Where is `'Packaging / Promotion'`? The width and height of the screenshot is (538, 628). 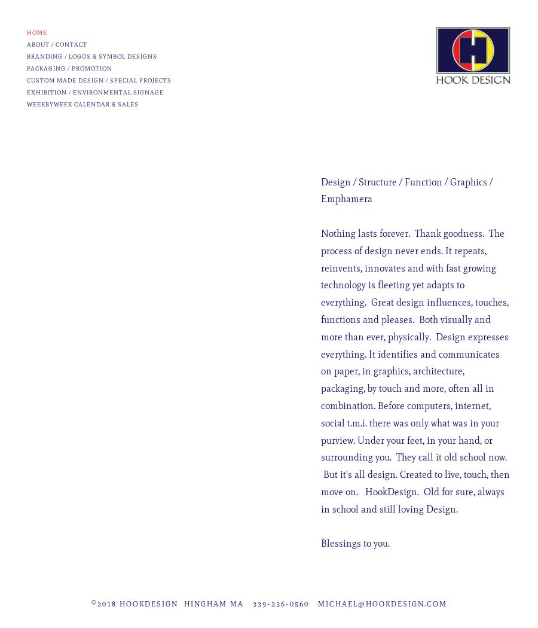 'Packaging / Promotion' is located at coordinates (69, 68).